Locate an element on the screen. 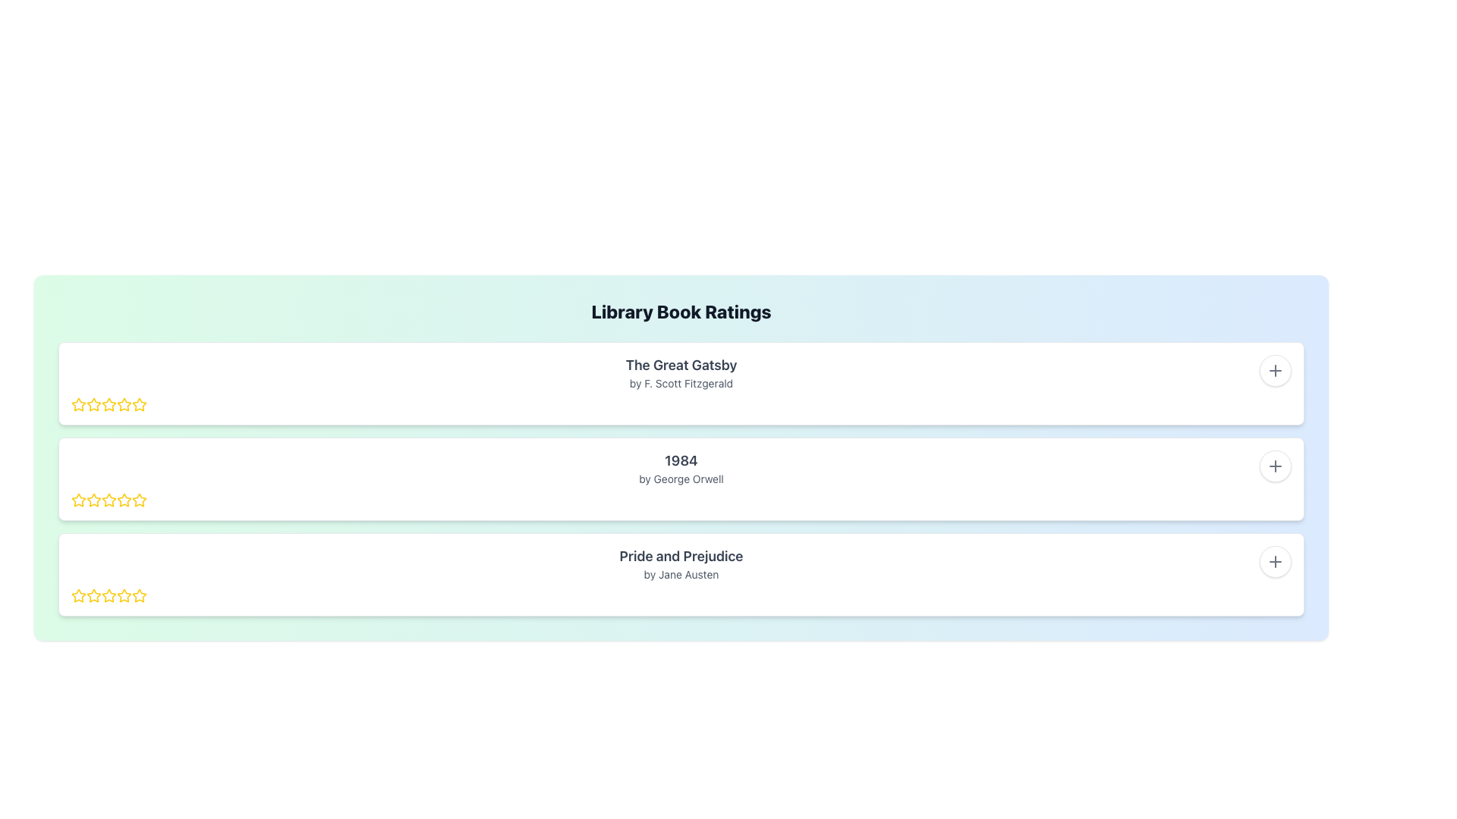 The height and width of the screenshot is (819, 1457). the second Rating Star (SVG Icon) is located at coordinates (139, 403).